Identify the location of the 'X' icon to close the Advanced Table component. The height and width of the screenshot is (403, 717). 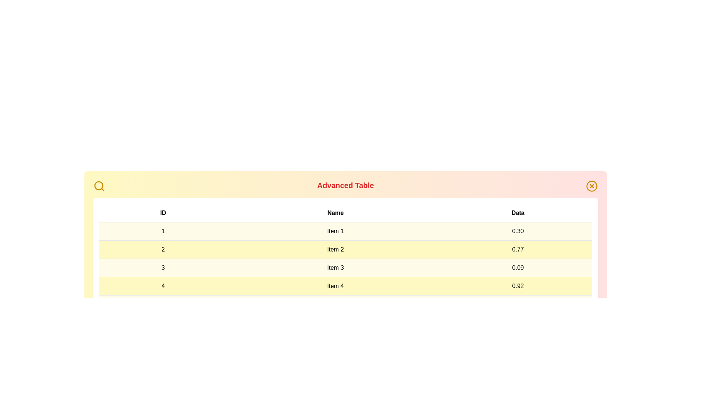
(591, 185).